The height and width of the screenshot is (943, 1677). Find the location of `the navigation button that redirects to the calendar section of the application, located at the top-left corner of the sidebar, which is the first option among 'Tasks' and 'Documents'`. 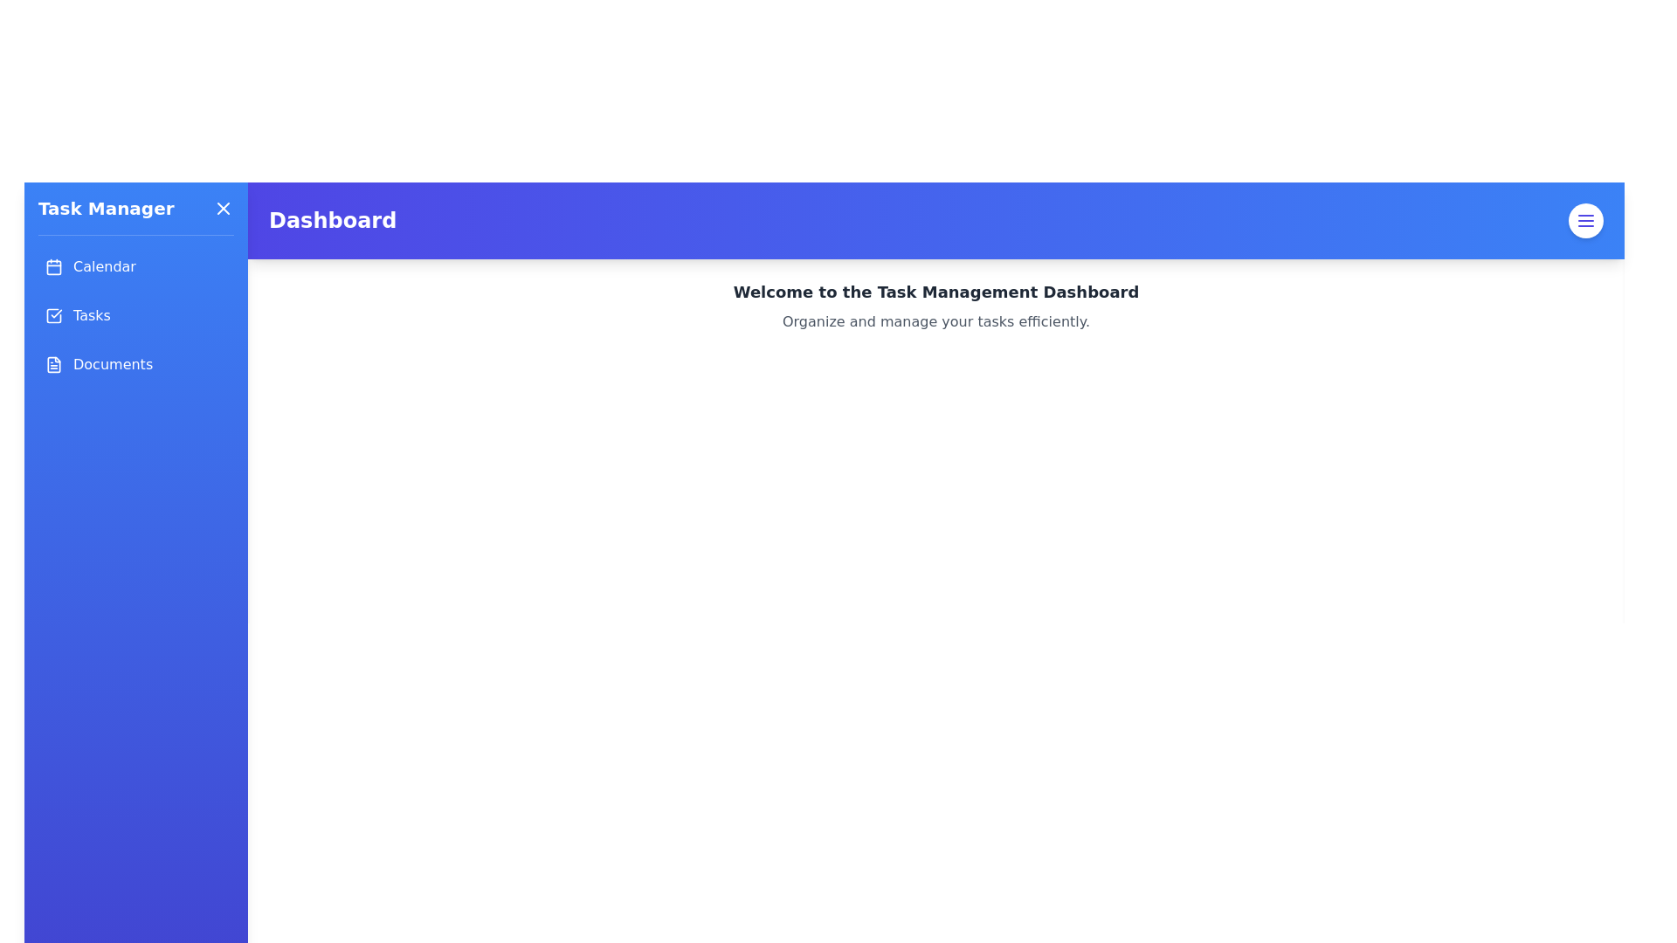

the navigation button that redirects to the calendar section of the application, located at the top-left corner of the sidebar, which is the first option among 'Tasks' and 'Documents' is located at coordinates (135, 266).